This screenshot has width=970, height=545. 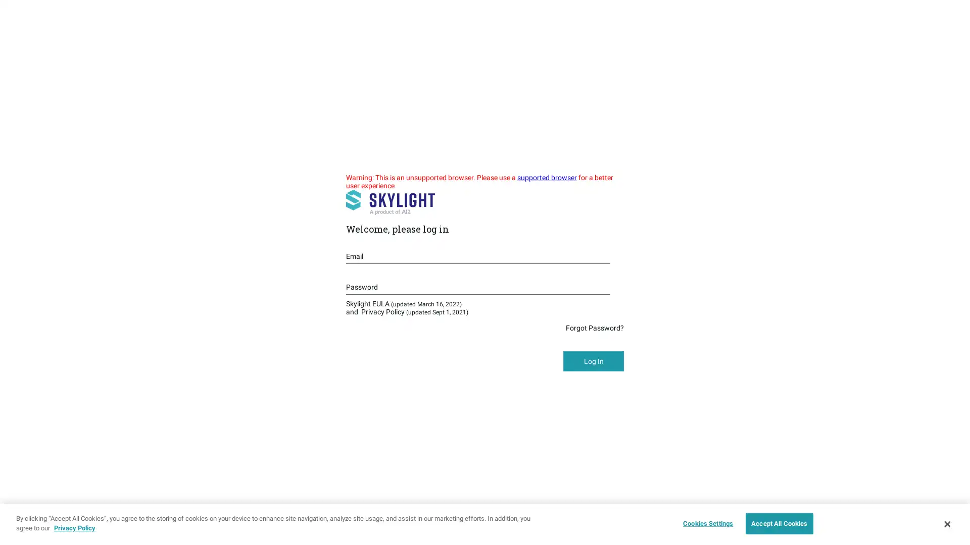 I want to click on Cookies Settings, so click(x=705, y=523).